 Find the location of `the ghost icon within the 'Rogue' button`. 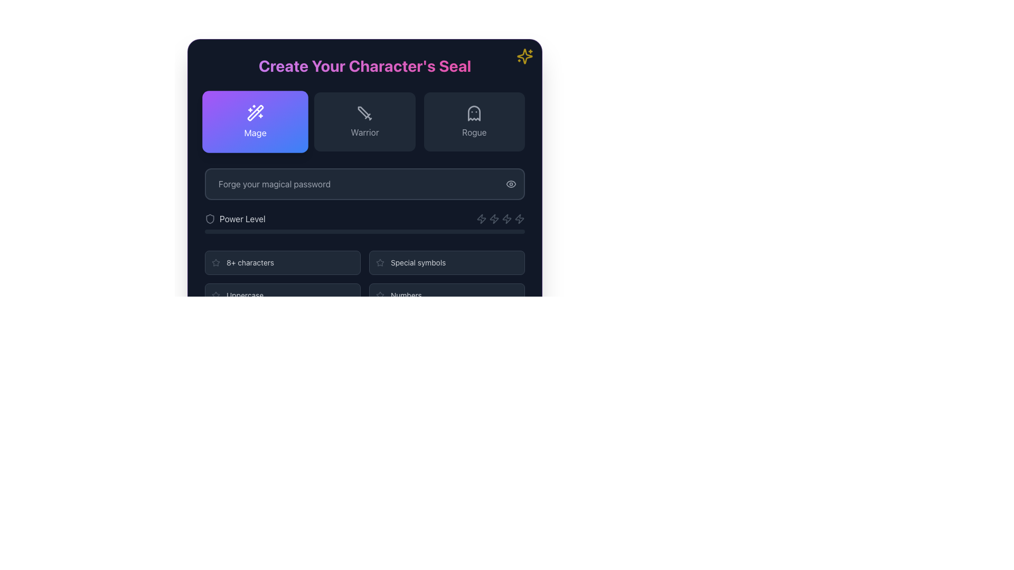

the ghost icon within the 'Rogue' button is located at coordinates (474, 113).